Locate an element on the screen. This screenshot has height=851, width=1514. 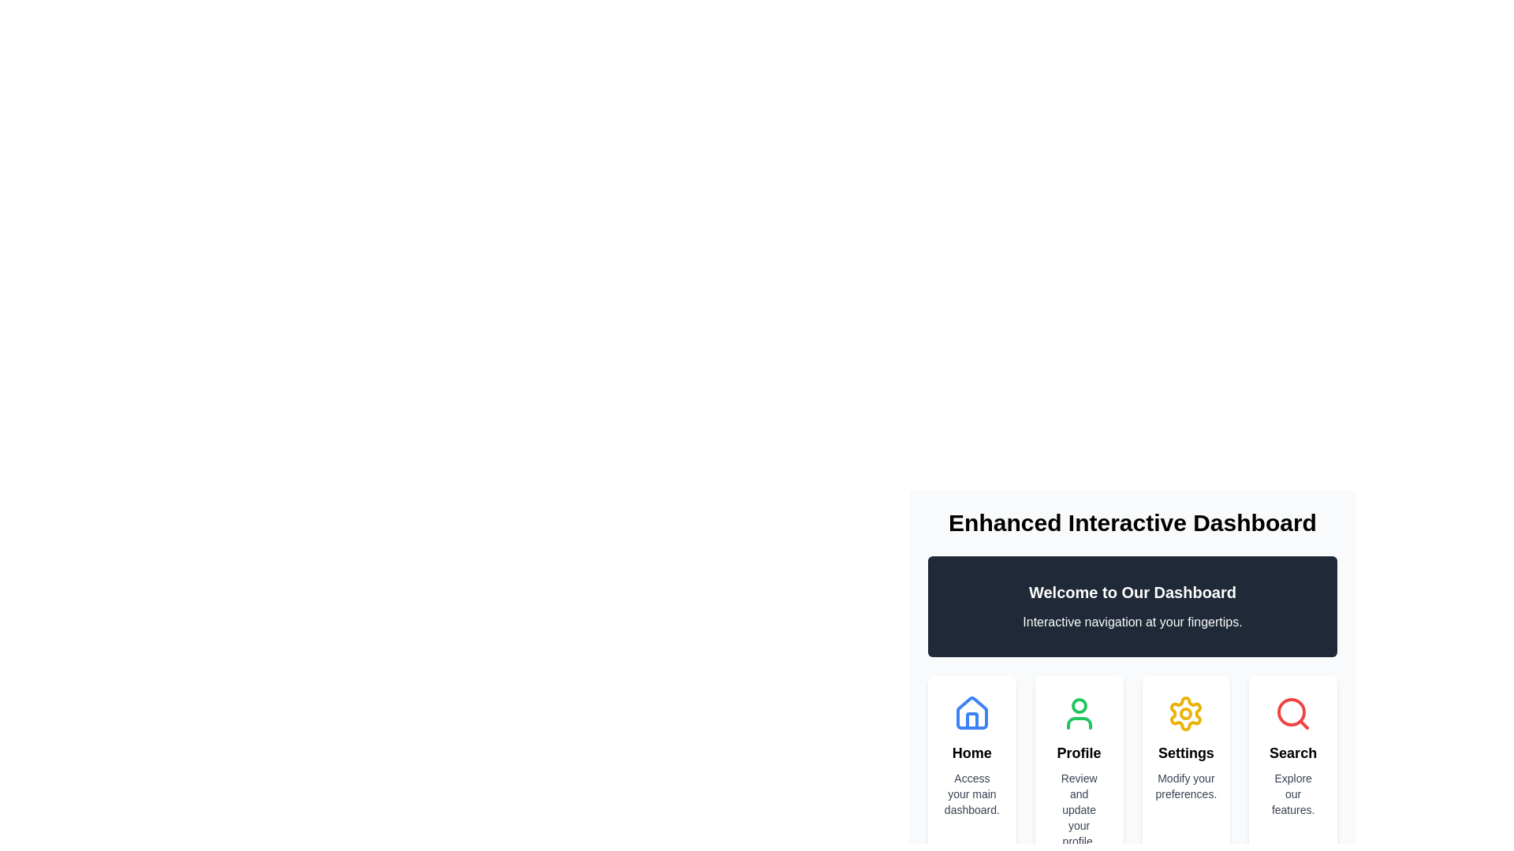
the vertical rectangle-like shape element of the house icon in the main navigation area, located above the 'Home' label is located at coordinates (971, 720).